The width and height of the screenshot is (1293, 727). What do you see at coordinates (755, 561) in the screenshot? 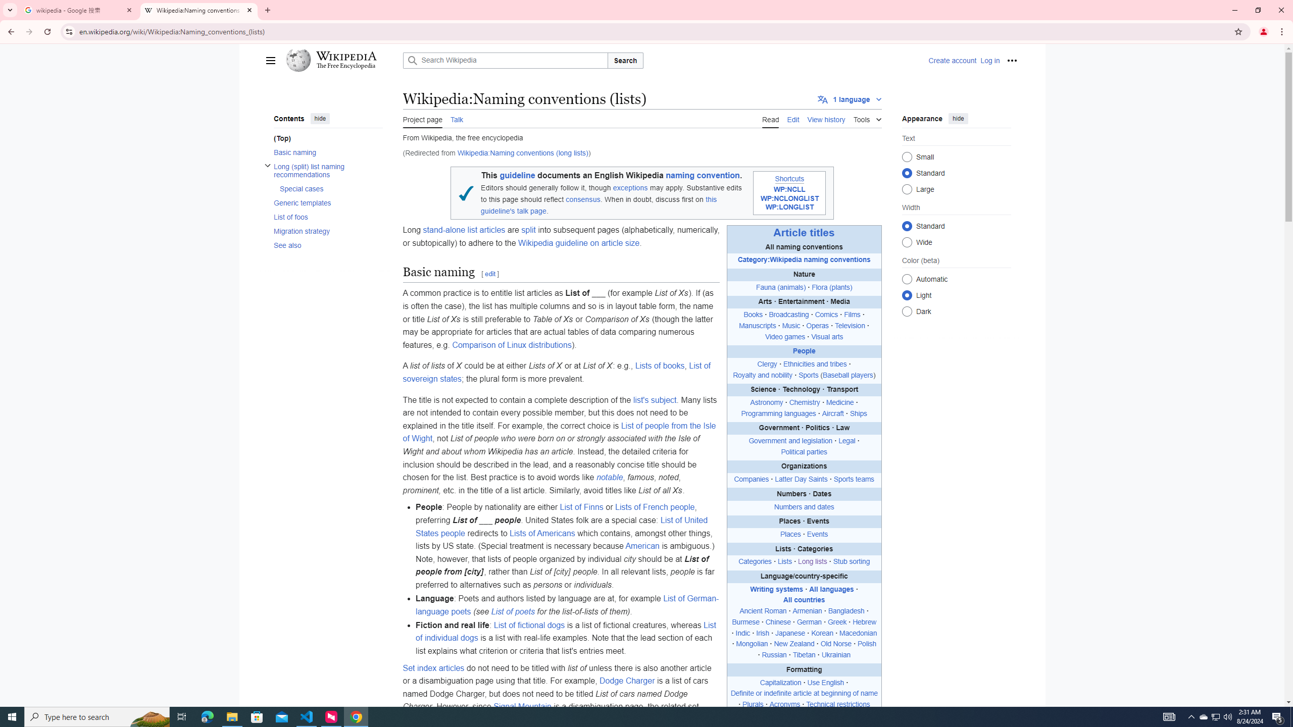
I see `'Categories'` at bounding box center [755, 561].